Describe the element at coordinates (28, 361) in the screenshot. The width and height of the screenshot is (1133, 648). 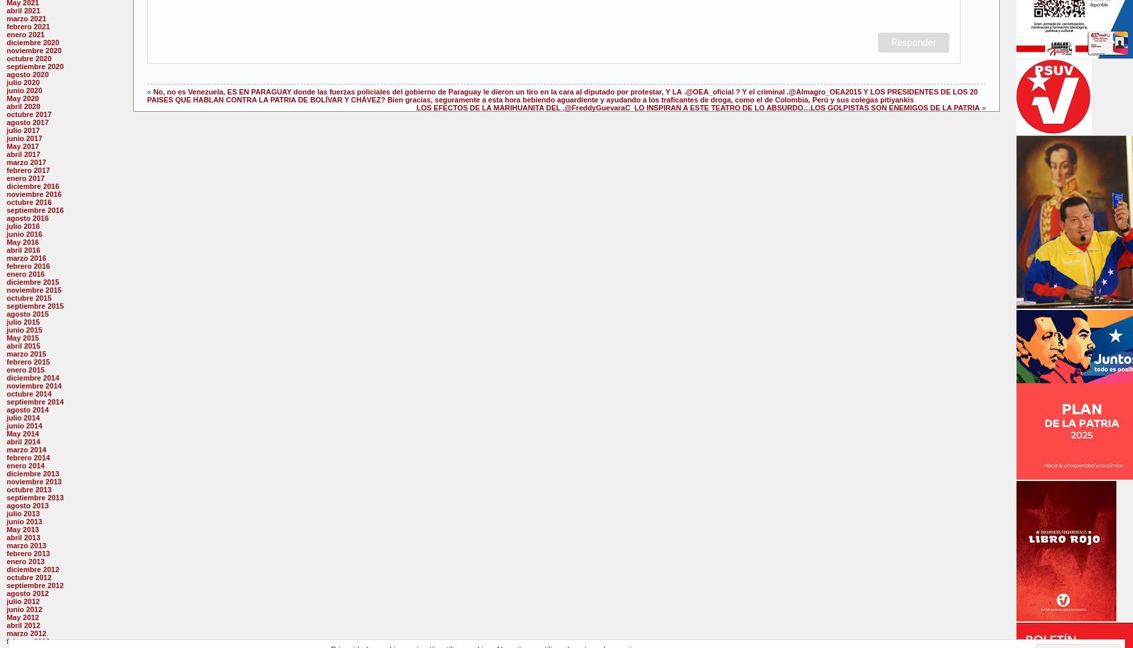
I see `'febrero 2015'` at that location.